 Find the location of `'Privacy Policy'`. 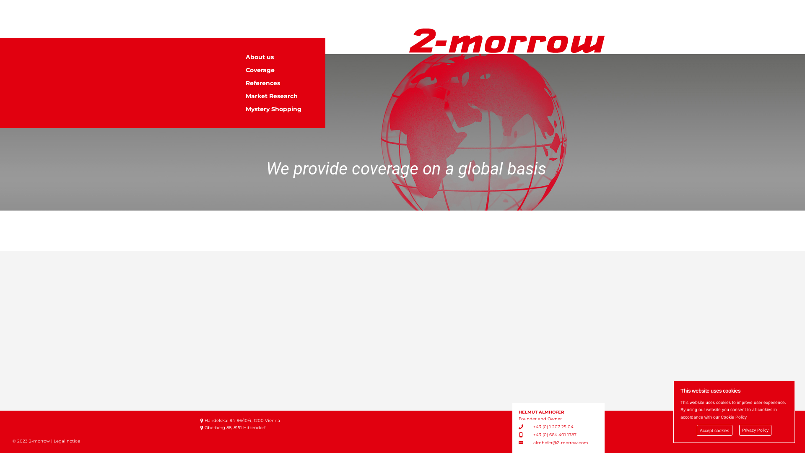

'Privacy Policy' is located at coordinates (755, 430).